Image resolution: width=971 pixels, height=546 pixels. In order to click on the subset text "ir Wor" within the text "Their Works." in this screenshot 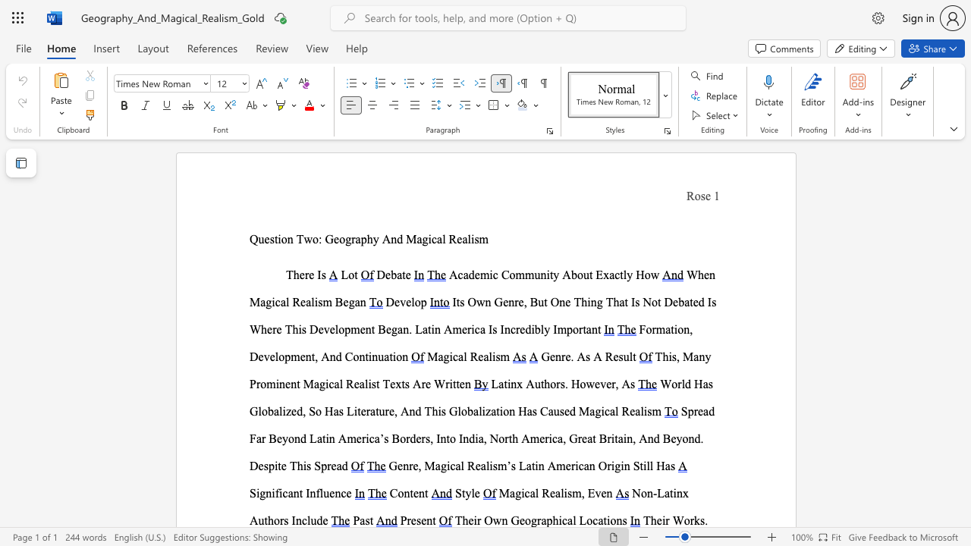, I will do `click(661, 519)`.